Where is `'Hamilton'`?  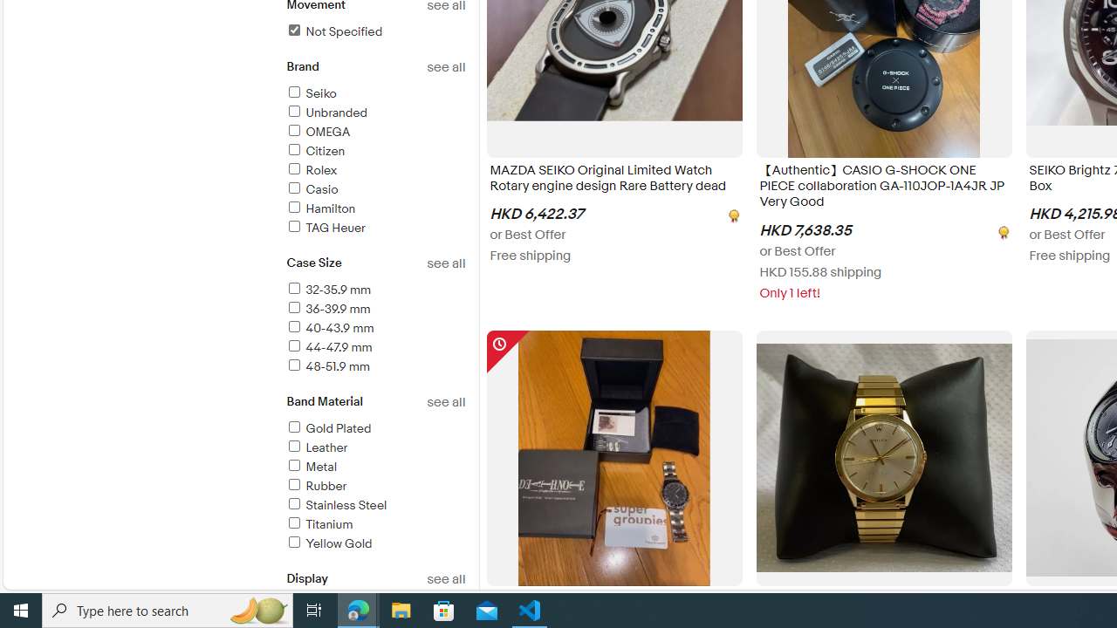
'Hamilton' is located at coordinates (320, 208).